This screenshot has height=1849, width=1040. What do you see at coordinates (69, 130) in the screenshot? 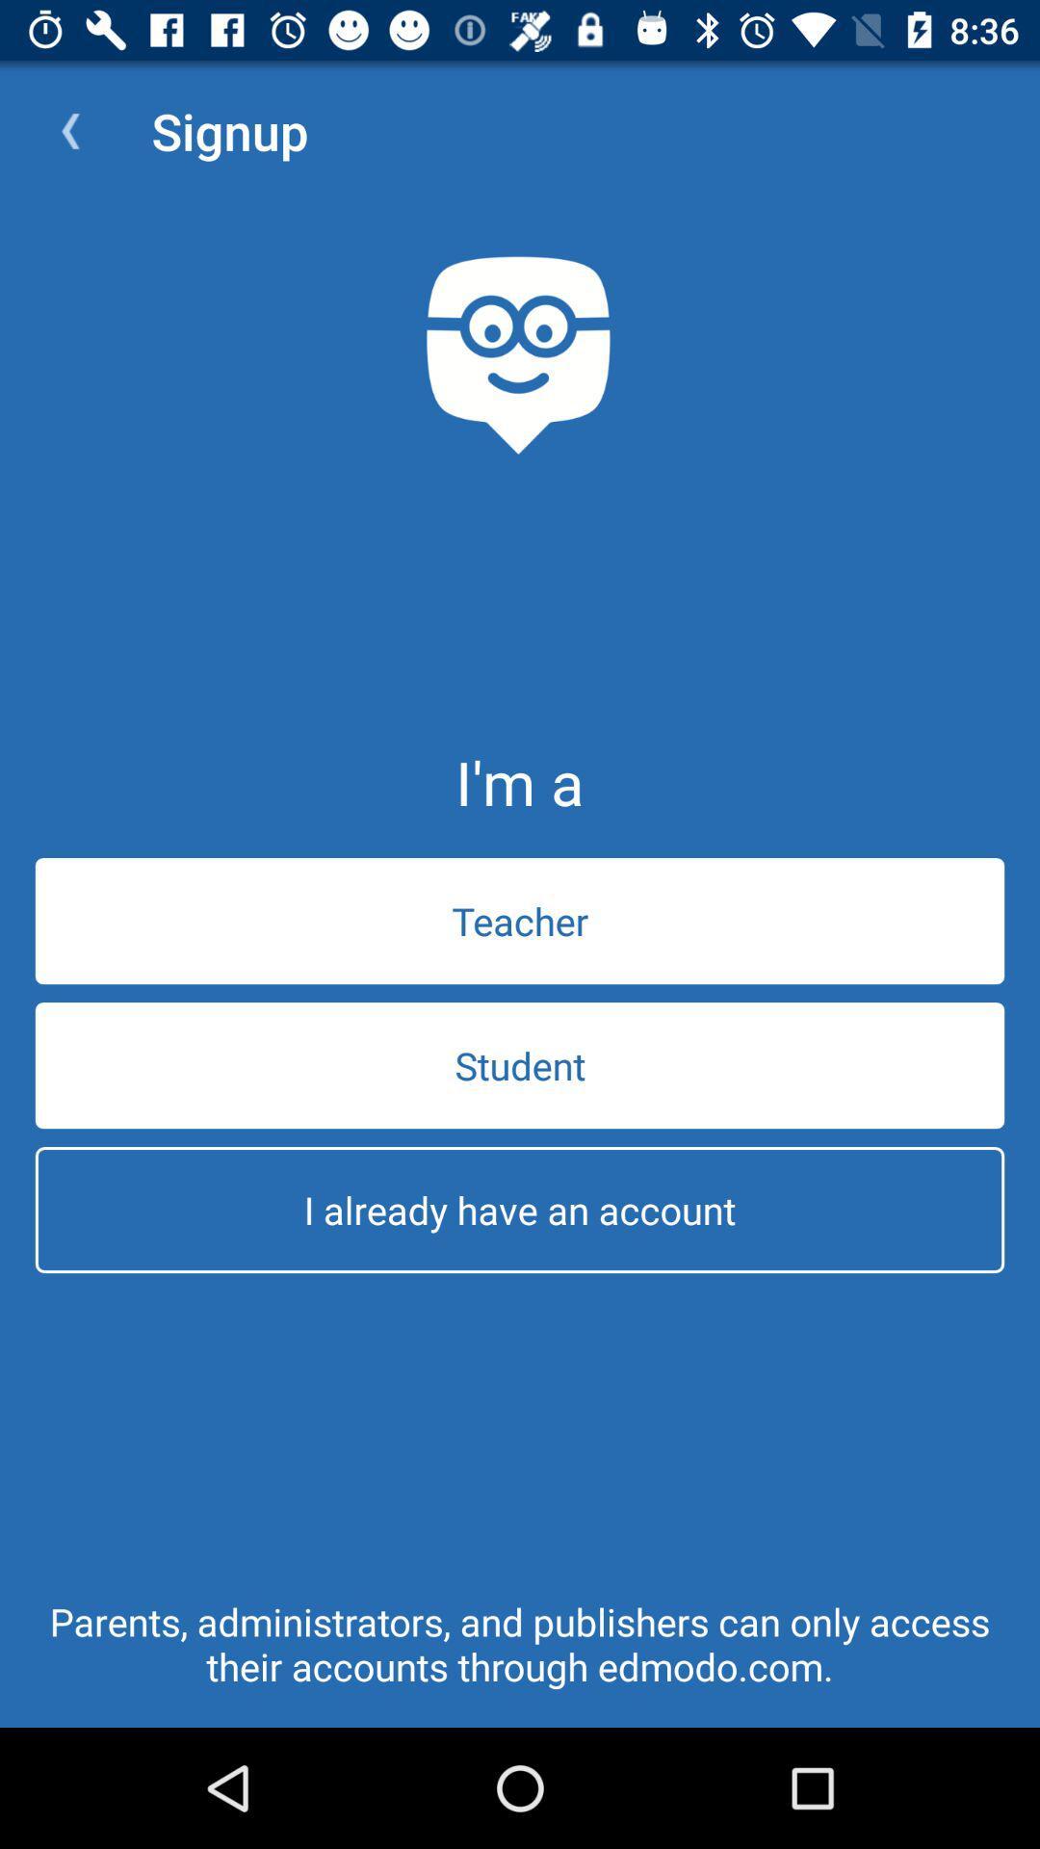
I see `app next to signup icon` at bounding box center [69, 130].